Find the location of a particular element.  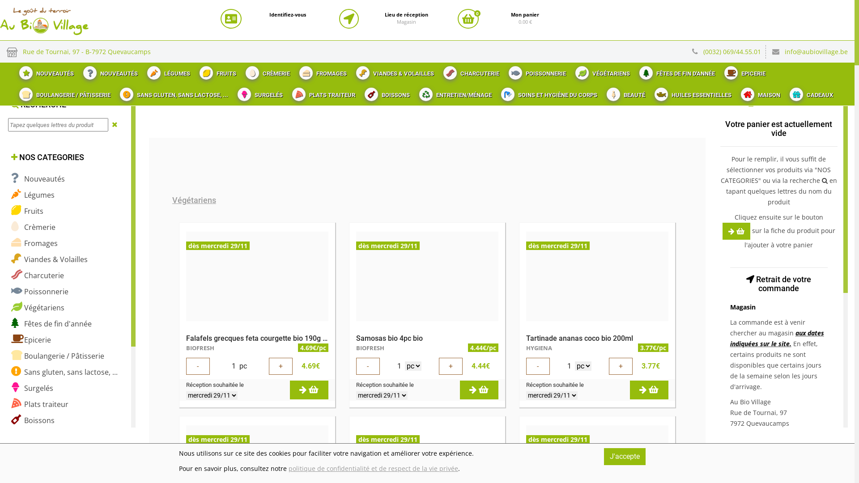

'CADEAUX' is located at coordinates (783, 93).